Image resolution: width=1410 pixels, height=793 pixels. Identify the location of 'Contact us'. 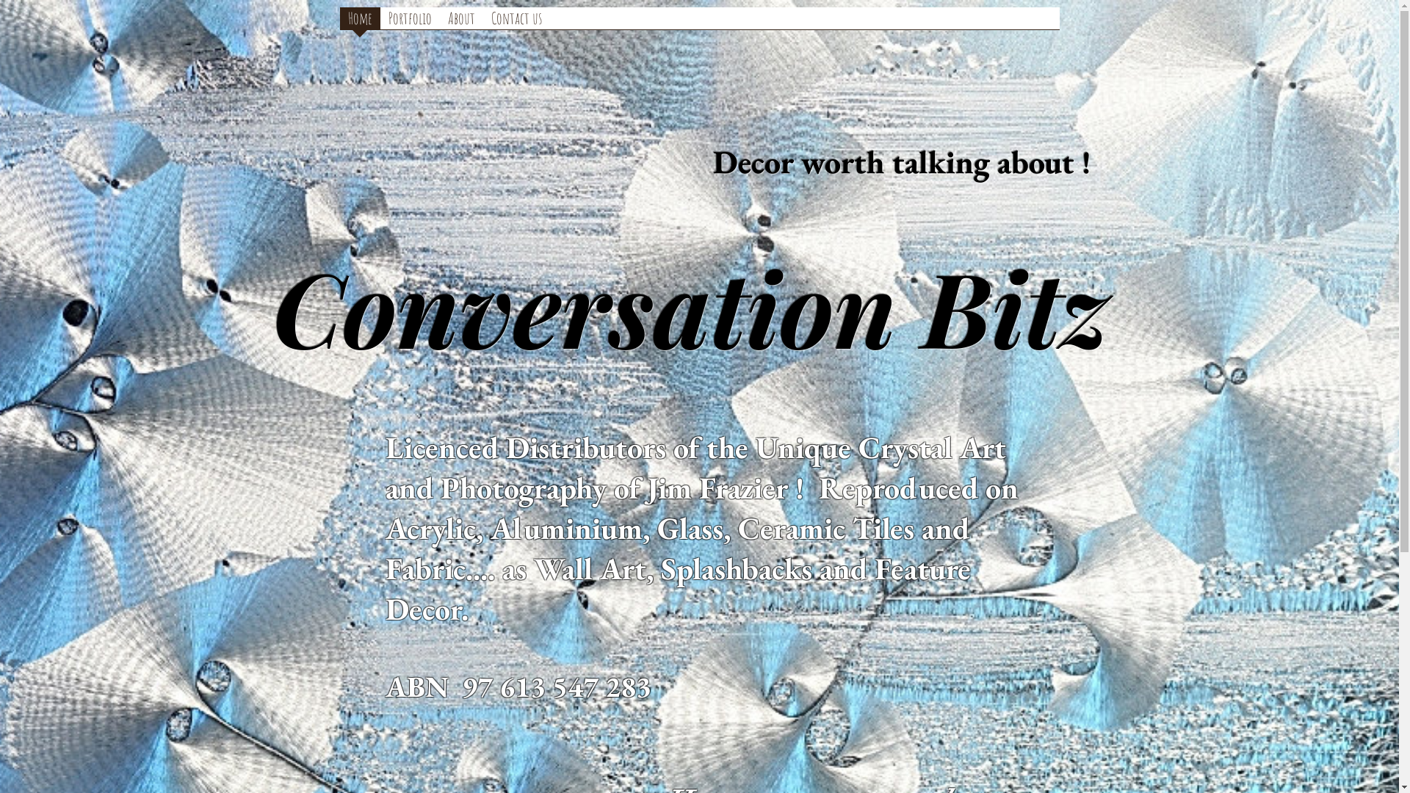
(516, 19).